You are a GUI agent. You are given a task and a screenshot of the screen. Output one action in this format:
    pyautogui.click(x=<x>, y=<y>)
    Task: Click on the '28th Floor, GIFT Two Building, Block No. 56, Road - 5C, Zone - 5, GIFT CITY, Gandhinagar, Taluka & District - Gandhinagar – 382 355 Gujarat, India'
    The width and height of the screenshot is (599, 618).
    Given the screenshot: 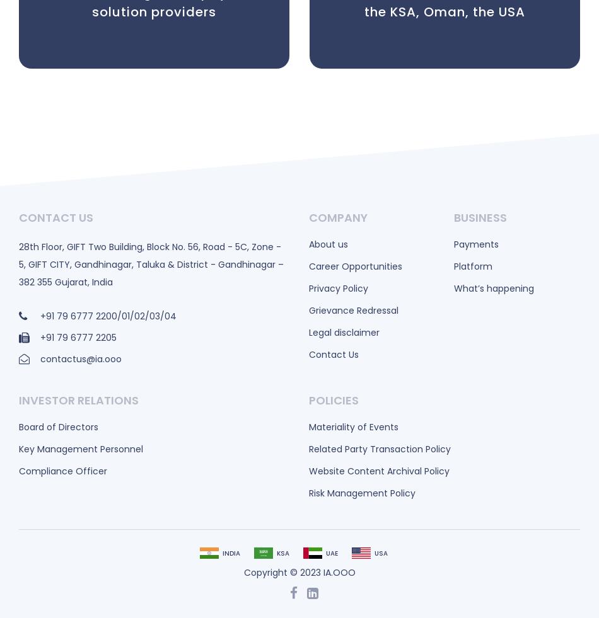 What is the action you would take?
    pyautogui.click(x=150, y=263)
    